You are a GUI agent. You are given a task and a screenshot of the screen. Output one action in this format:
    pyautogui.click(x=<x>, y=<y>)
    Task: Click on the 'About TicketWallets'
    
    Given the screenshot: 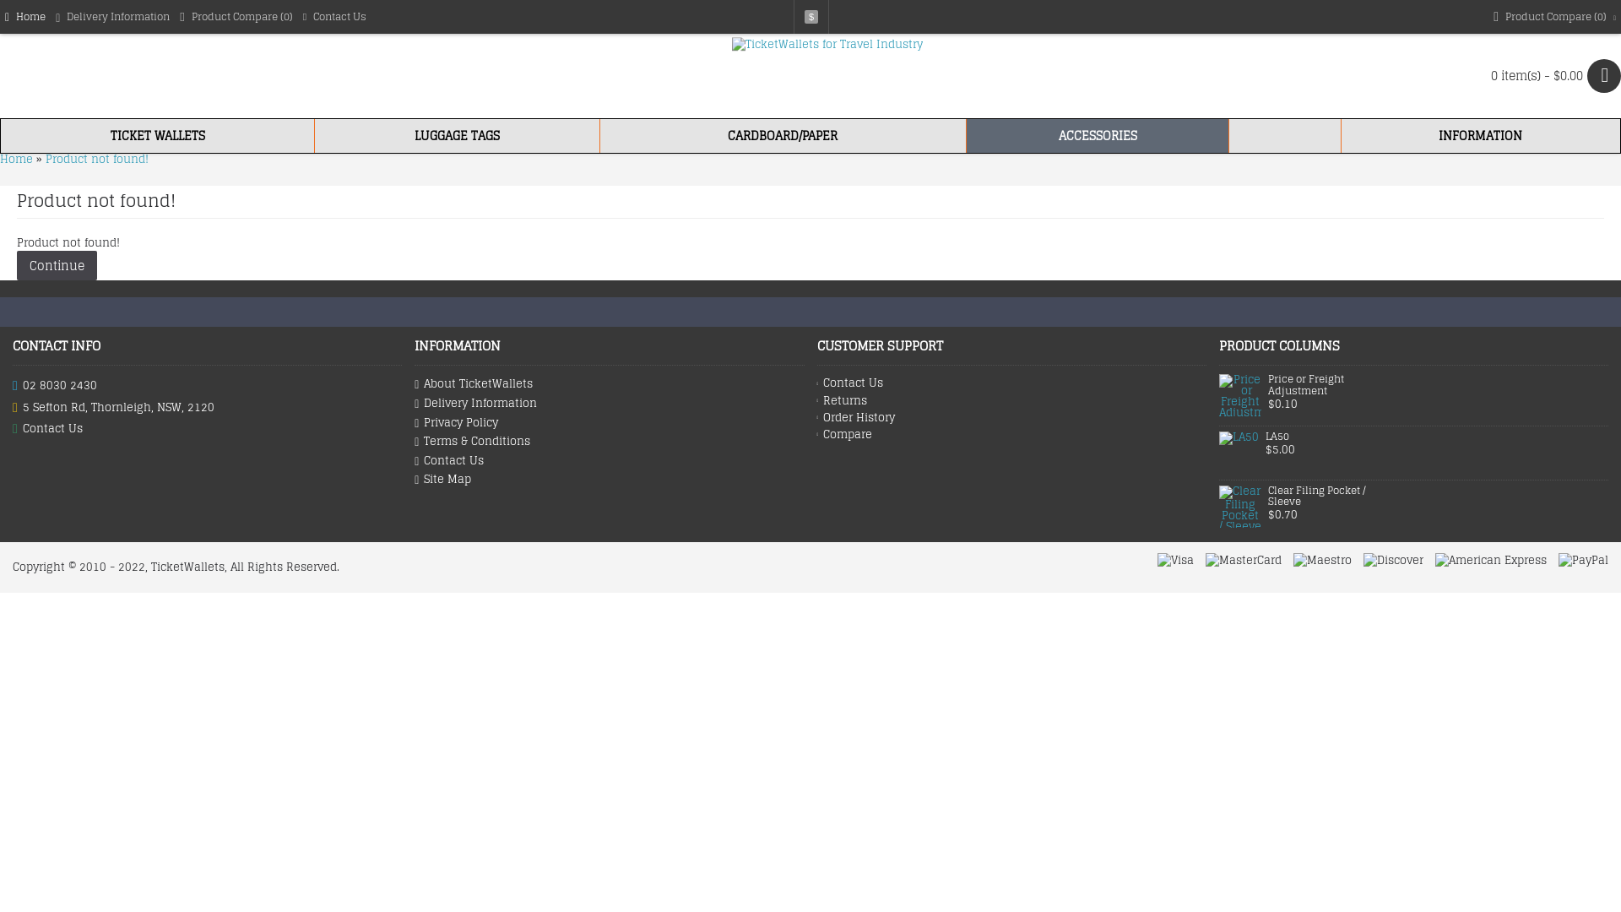 What is the action you would take?
    pyautogui.click(x=414, y=384)
    